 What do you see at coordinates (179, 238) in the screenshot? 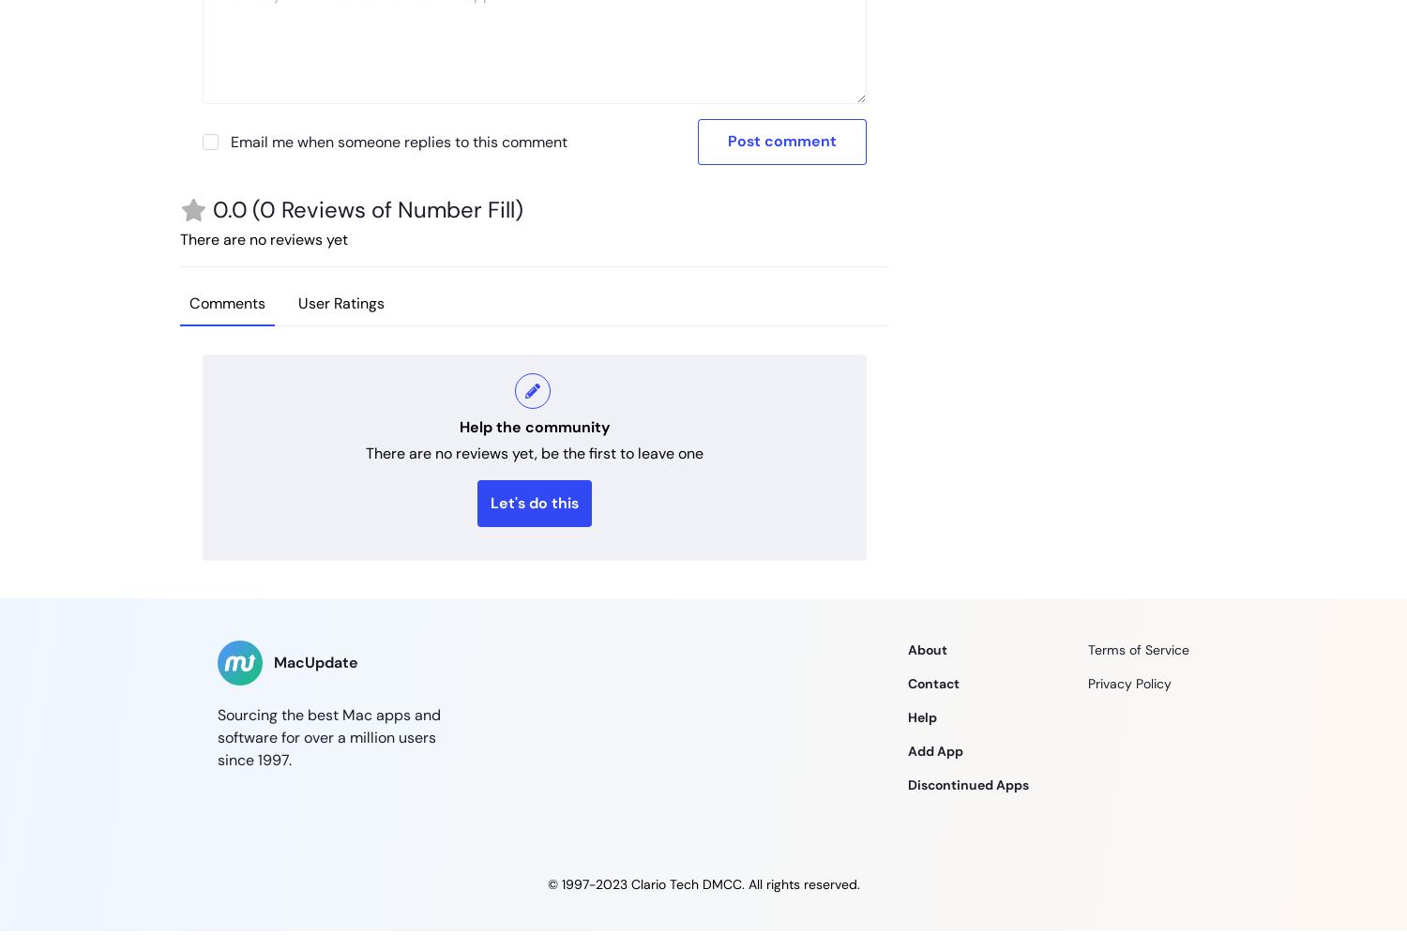
I see `'There are no reviews yet'` at bounding box center [179, 238].